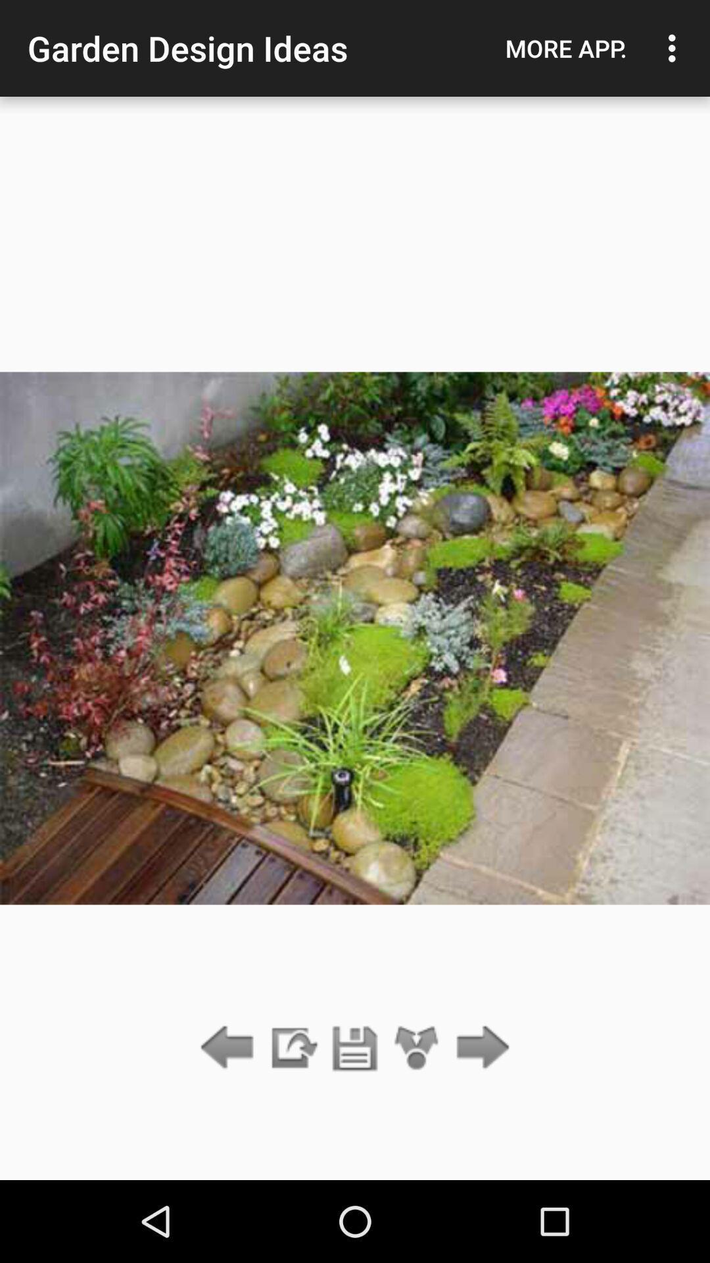 The image size is (710, 1263). What do you see at coordinates (675, 48) in the screenshot?
I see `item next to more app. icon` at bounding box center [675, 48].